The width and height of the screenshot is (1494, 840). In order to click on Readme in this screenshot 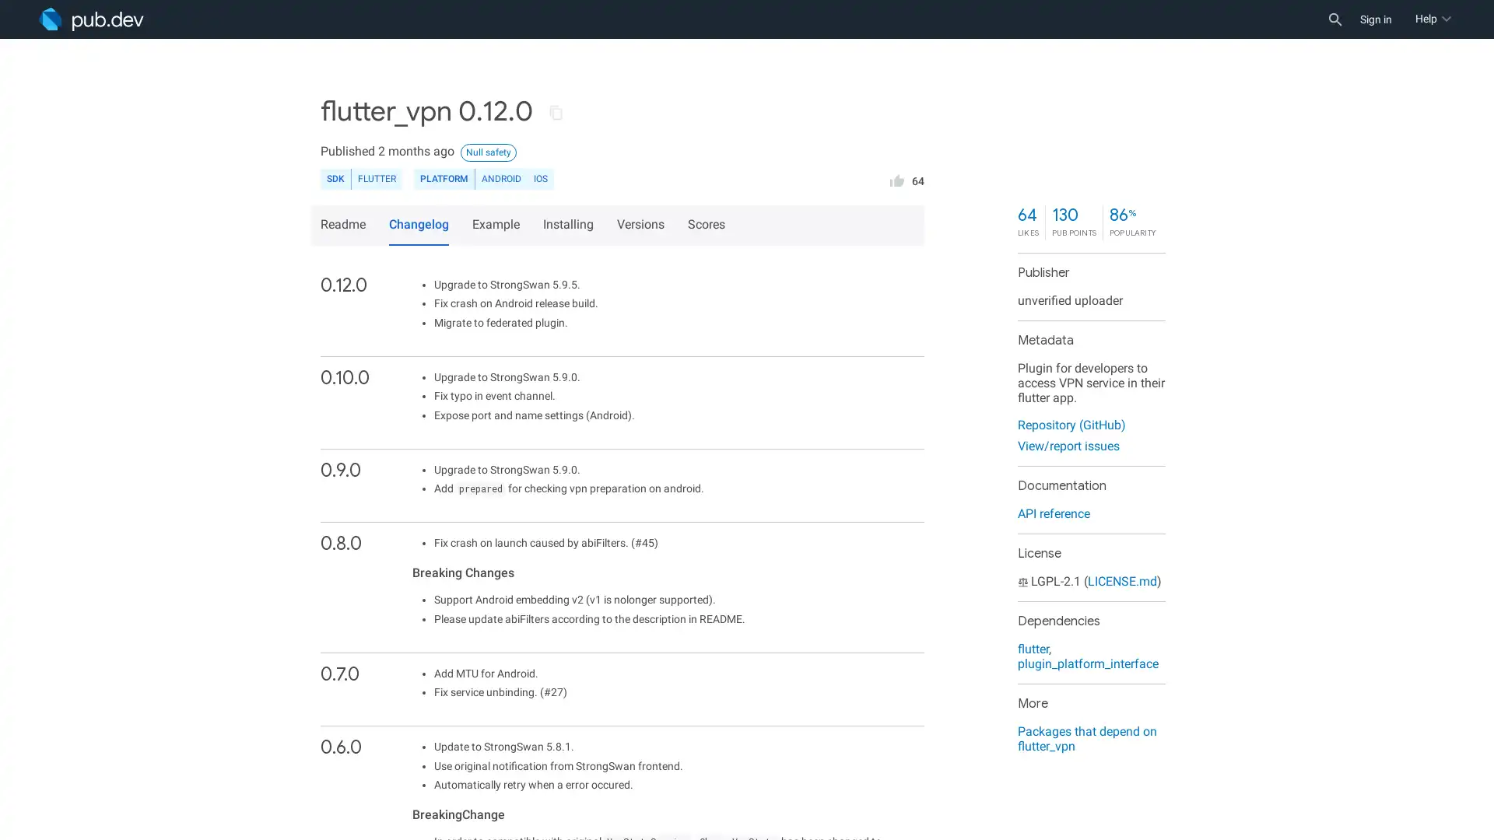, I will do `click(345, 225)`.